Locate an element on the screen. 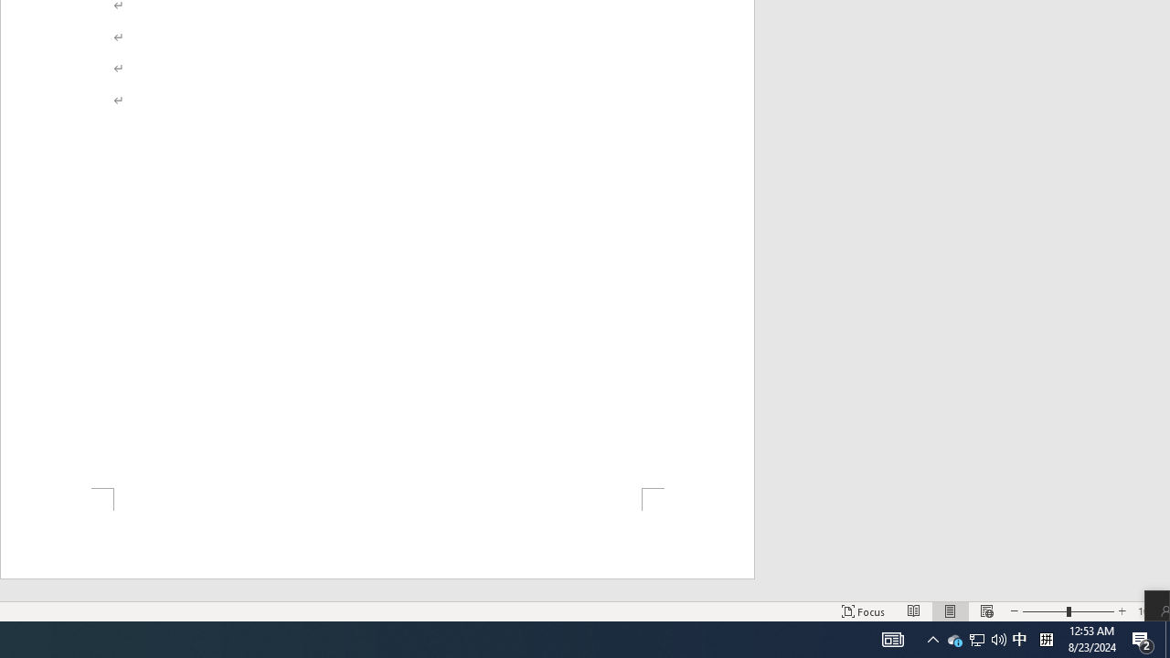  'Zoom Out' is located at coordinates (1045, 611).